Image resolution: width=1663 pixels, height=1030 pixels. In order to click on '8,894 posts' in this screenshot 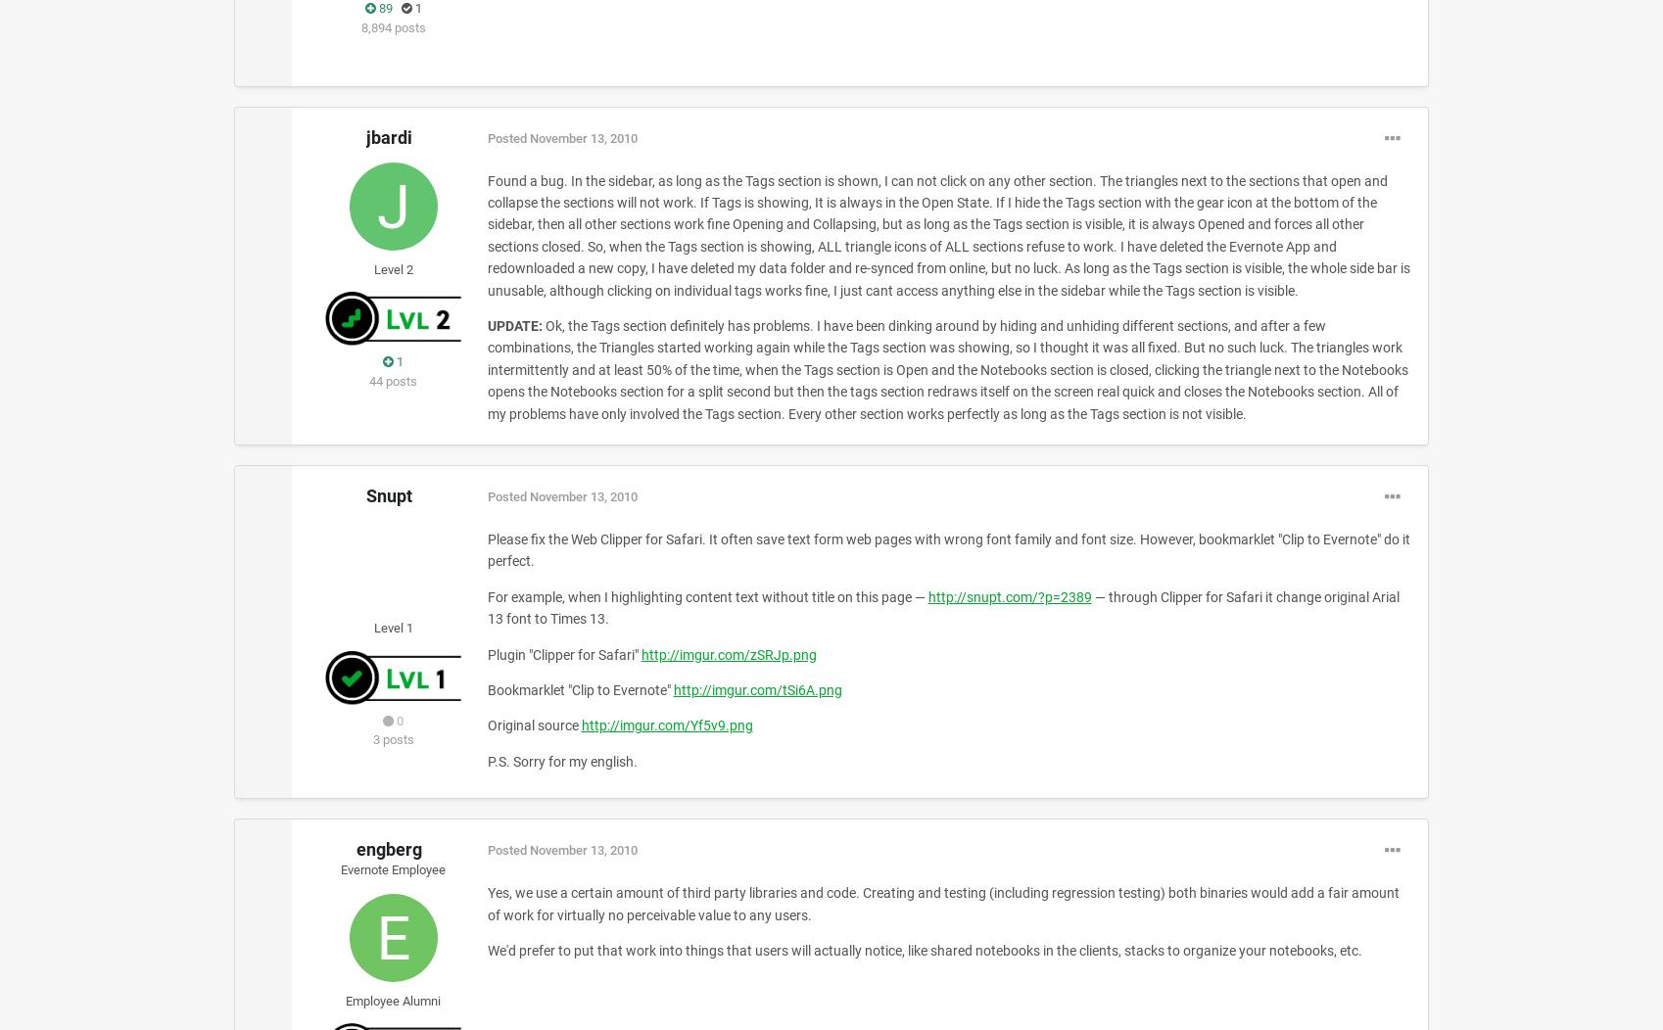, I will do `click(393, 26)`.